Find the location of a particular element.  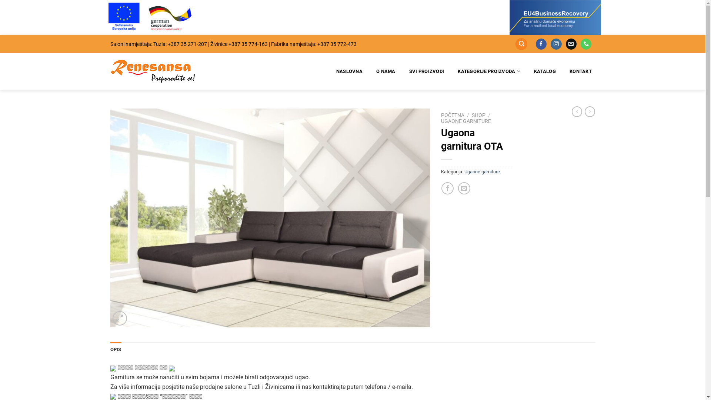

'SVI PROIZVODI' is located at coordinates (427, 71).